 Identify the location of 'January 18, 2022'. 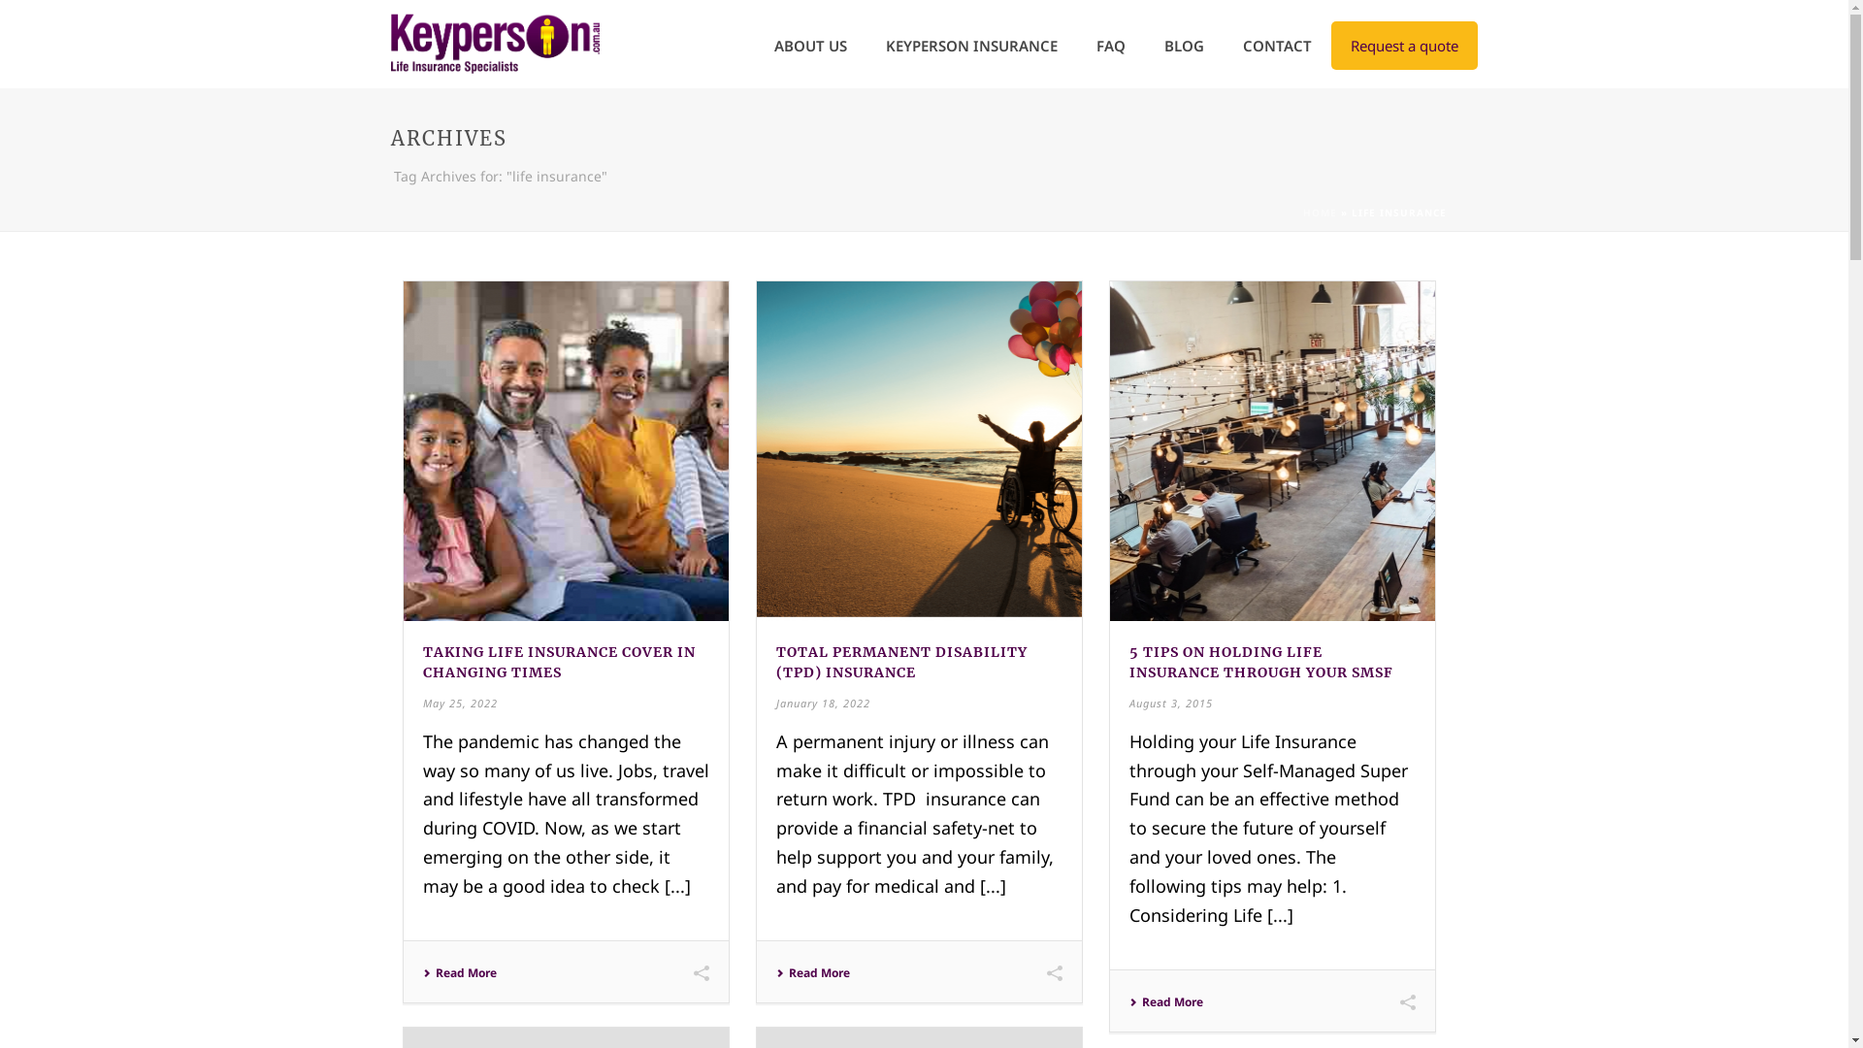
(776, 702).